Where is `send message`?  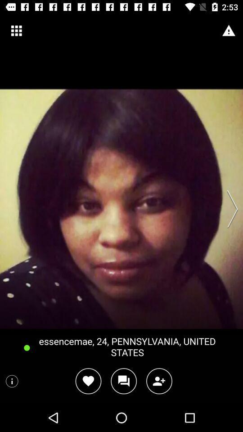 send message is located at coordinates (123, 381).